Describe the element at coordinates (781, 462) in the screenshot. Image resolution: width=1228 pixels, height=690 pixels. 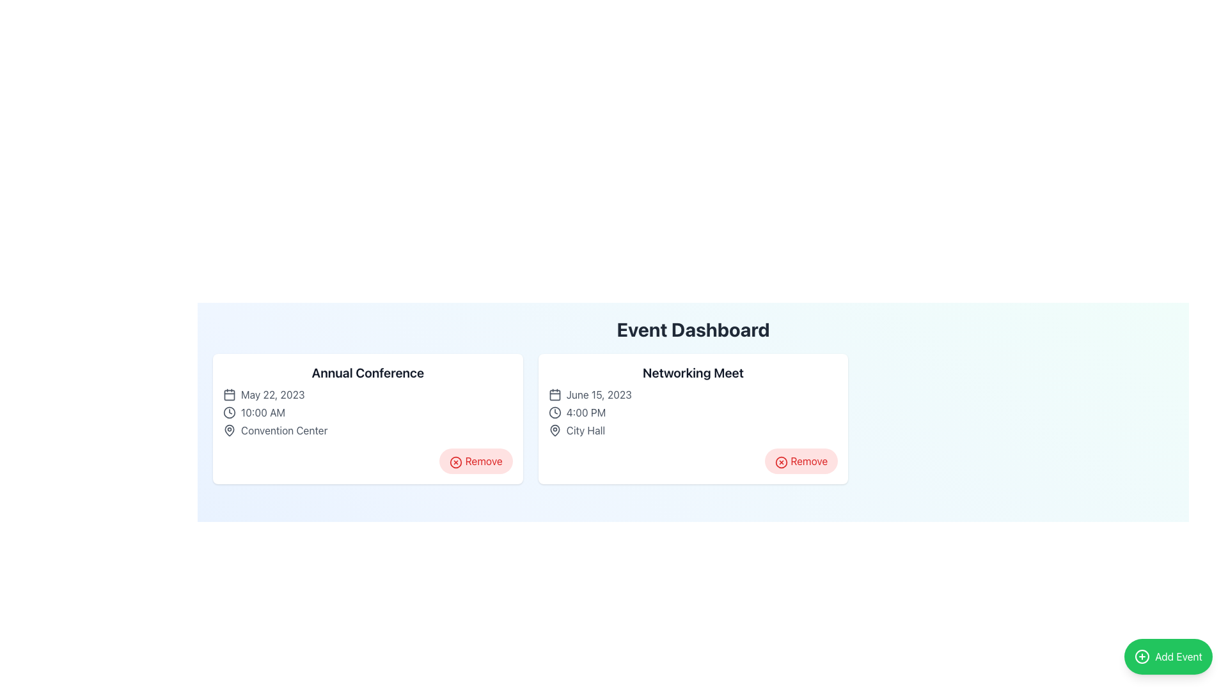
I see `the 'Remove' icon, a circular icon with a cross symbol in red, located in the bottom right corner of the 'Networking Meet' card on the 'Event Dashboard'` at that location.